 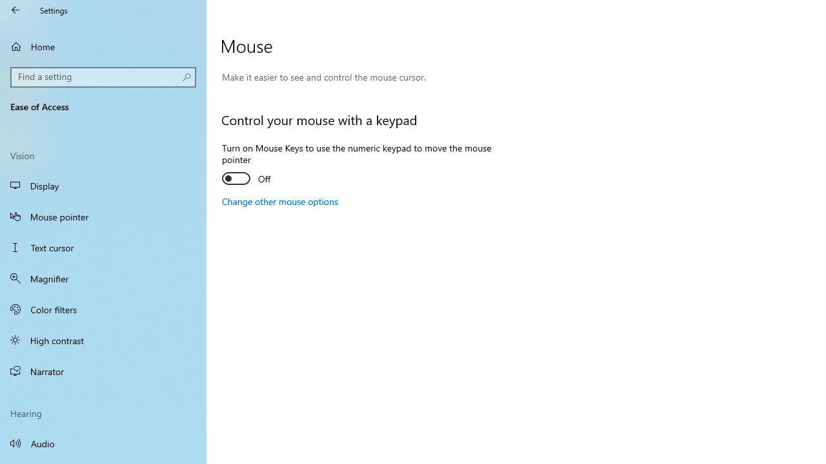 What do you see at coordinates (103, 77) in the screenshot?
I see `'Search box, Find a setting'` at bounding box center [103, 77].